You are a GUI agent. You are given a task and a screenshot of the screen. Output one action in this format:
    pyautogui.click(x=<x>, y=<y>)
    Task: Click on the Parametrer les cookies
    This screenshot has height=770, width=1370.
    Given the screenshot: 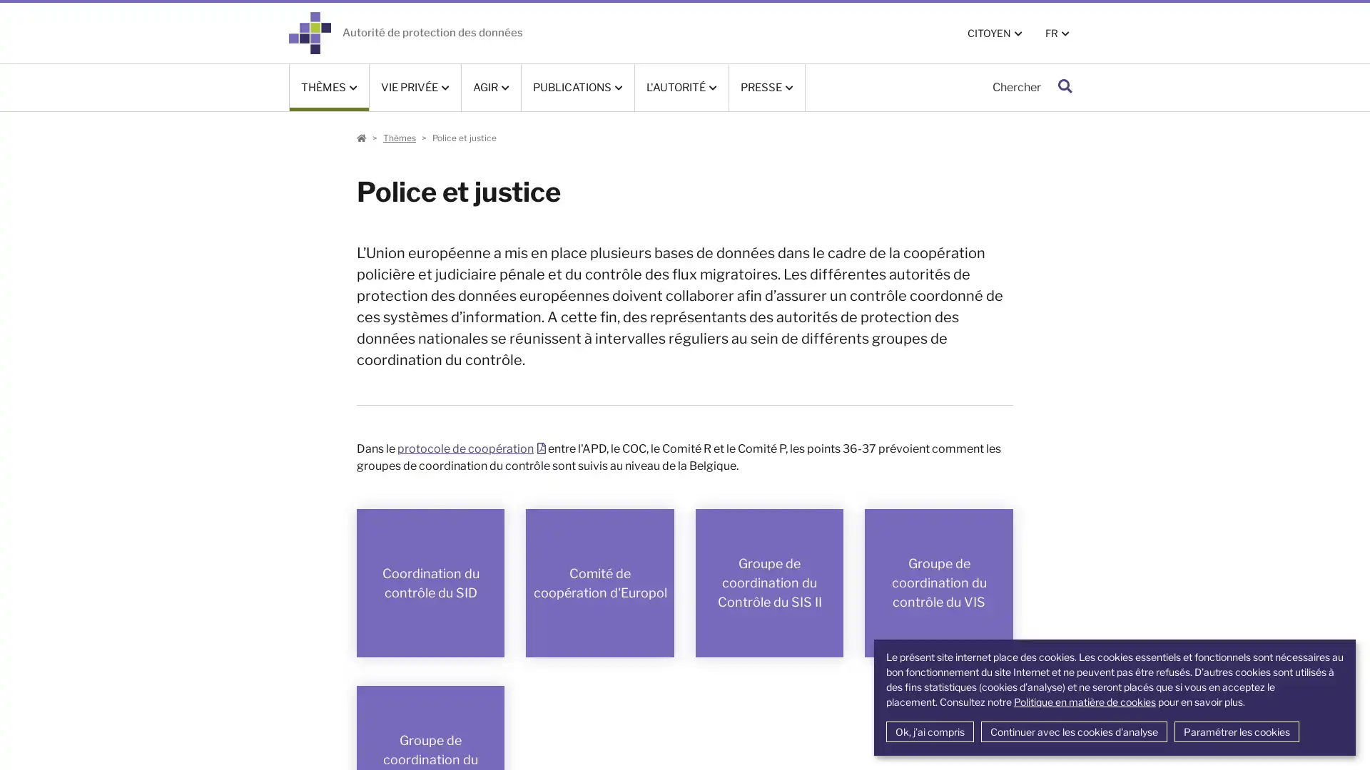 What is the action you would take?
    pyautogui.click(x=1235, y=731)
    